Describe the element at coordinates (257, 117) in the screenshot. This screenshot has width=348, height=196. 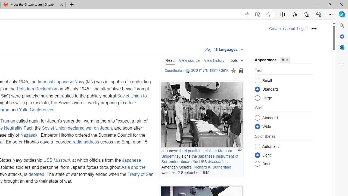
I see `'Standard'` at that location.